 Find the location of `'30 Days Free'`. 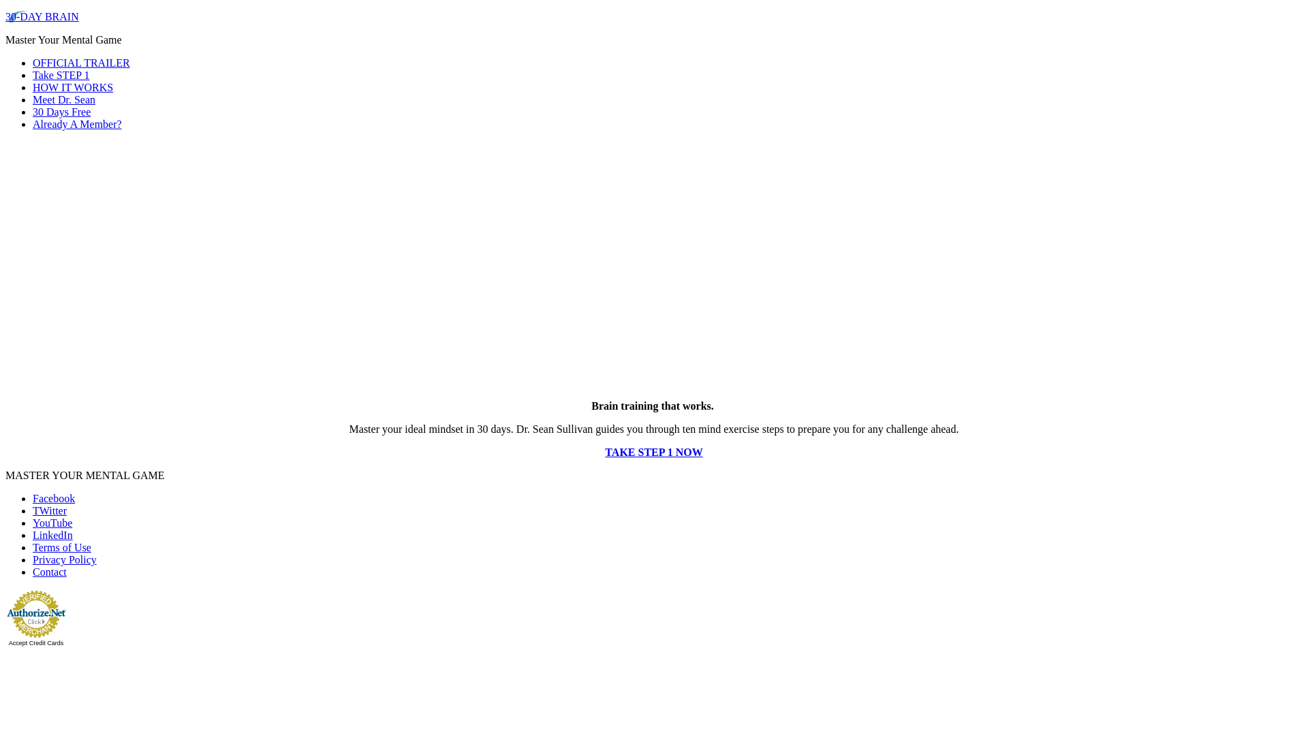

'30 Days Free' is located at coordinates (61, 111).